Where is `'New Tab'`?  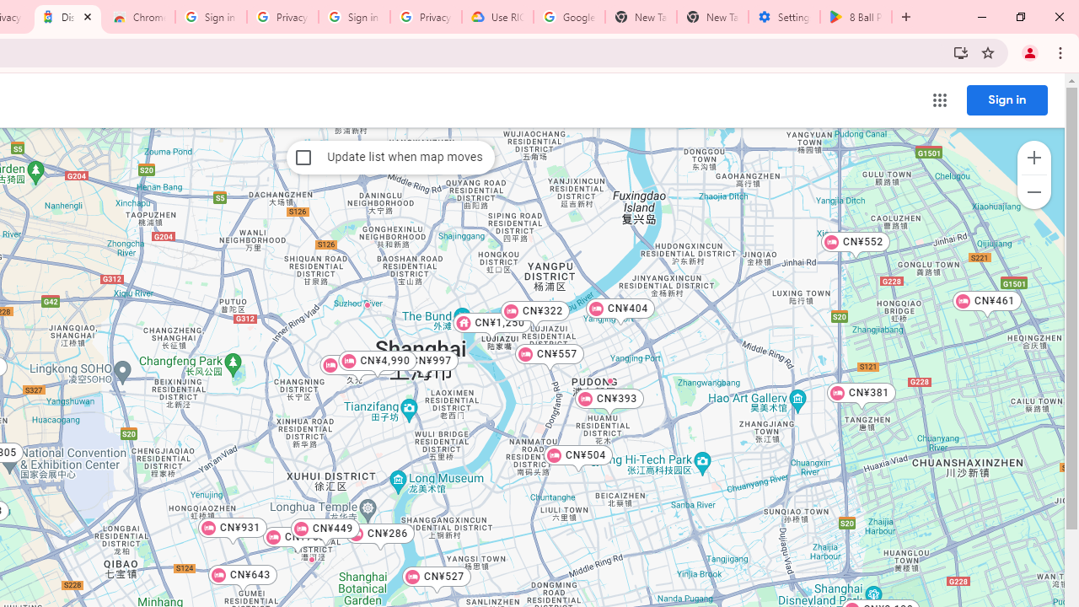
'New Tab' is located at coordinates (712, 17).